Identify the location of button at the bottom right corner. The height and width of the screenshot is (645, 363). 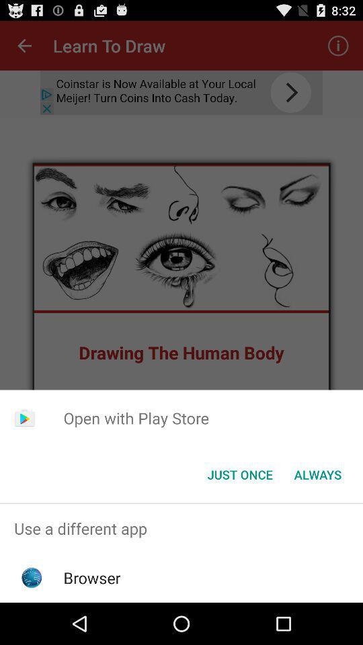
(317, 474).